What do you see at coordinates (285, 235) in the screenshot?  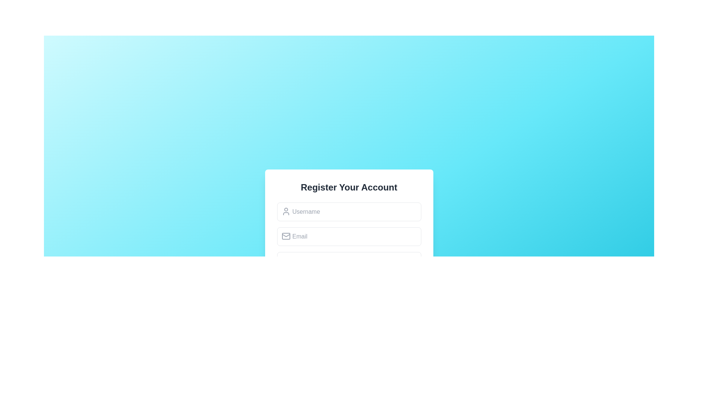 I see `the email icon located at the top-left corner of the email input field in the registration form, which indicates the input is for an email address` at bounding box center [285, 235].